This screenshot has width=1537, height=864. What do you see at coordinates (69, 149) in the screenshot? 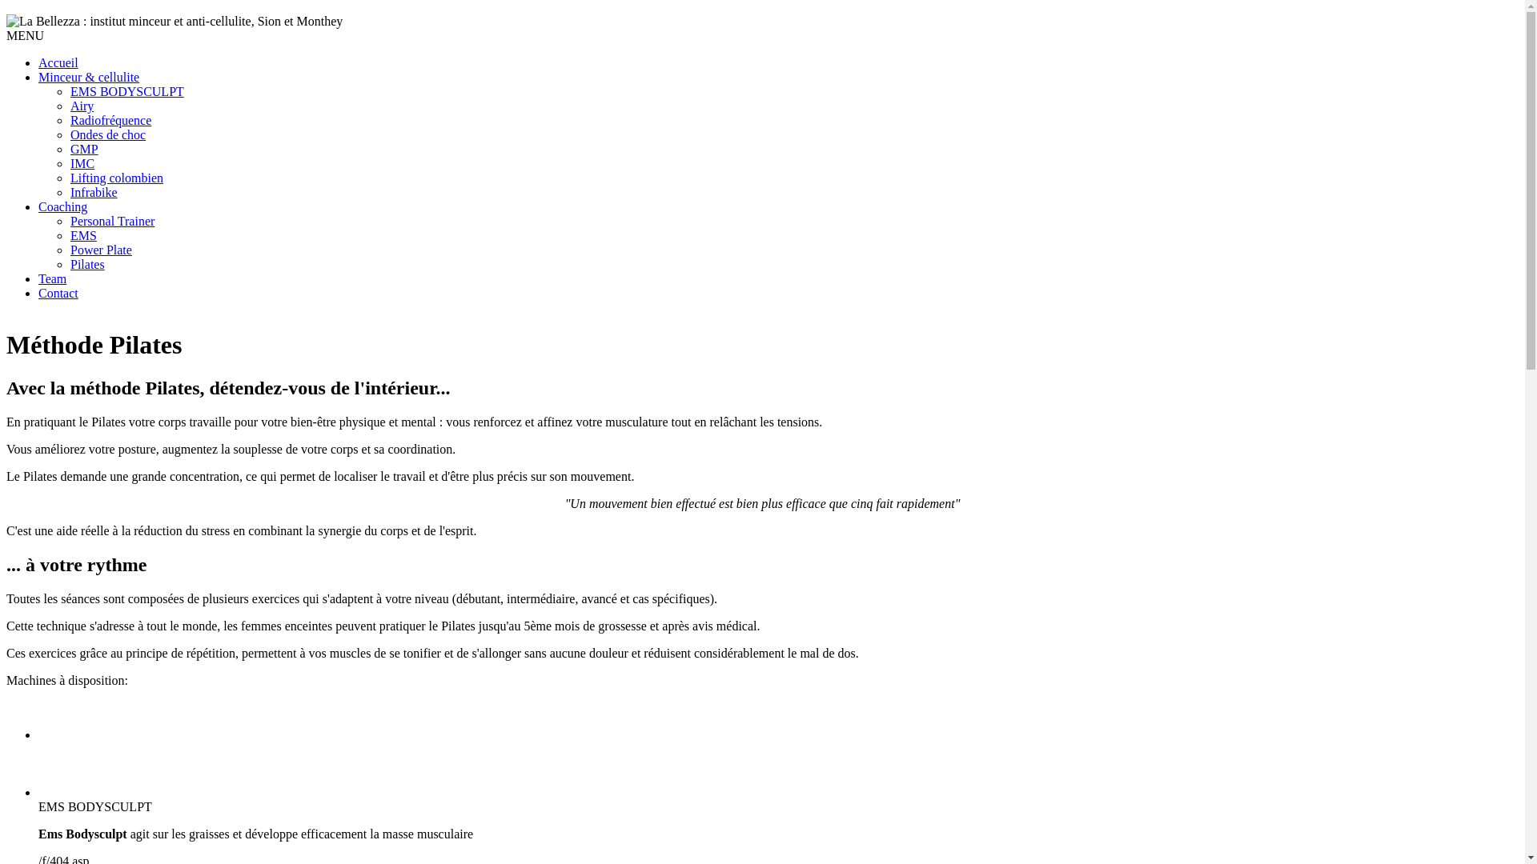
I see `'GMP'` at bounding box center [69, 149].